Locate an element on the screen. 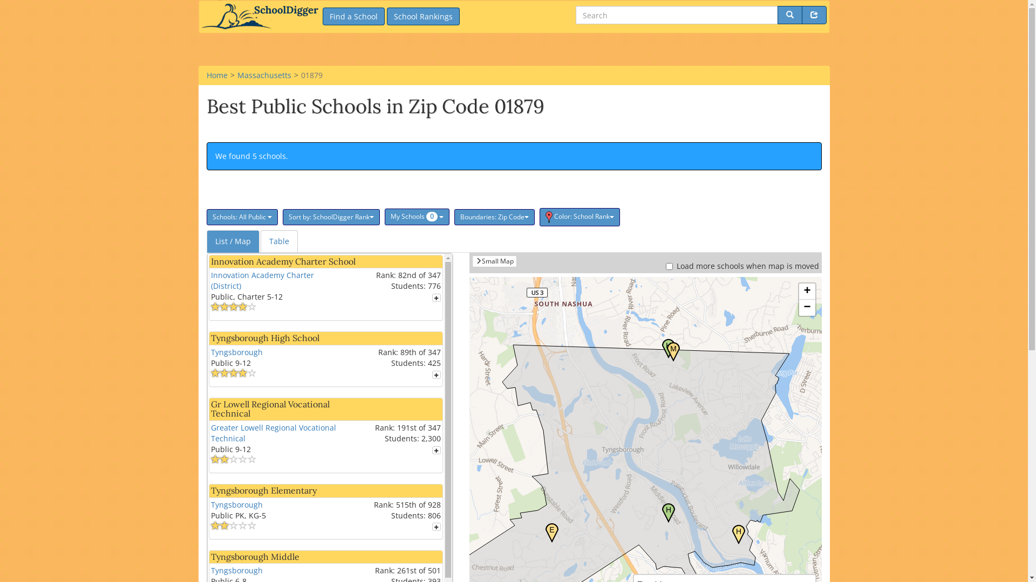 Image resolution: width=1036 pixels, height=582 pixels. 'Tyngsborough Middle' is located at coordinates (254, 557).